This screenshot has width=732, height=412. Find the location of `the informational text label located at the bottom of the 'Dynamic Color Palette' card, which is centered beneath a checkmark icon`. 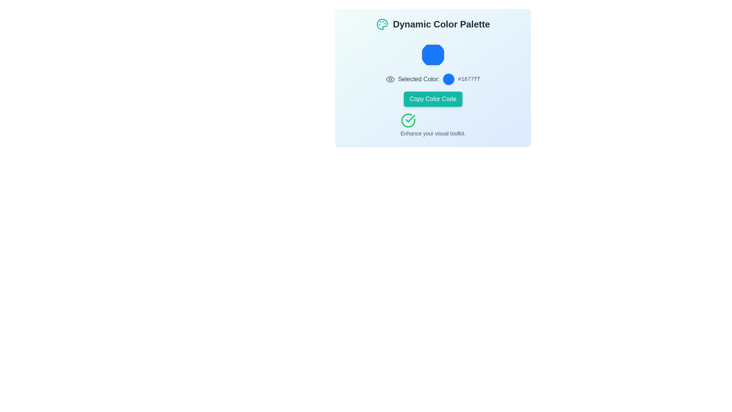

the informational text label located at the bottom of the 'Dynamic Color Palette' card, which is centered beneath a checkmark icon is located at coordinates (433, 133).